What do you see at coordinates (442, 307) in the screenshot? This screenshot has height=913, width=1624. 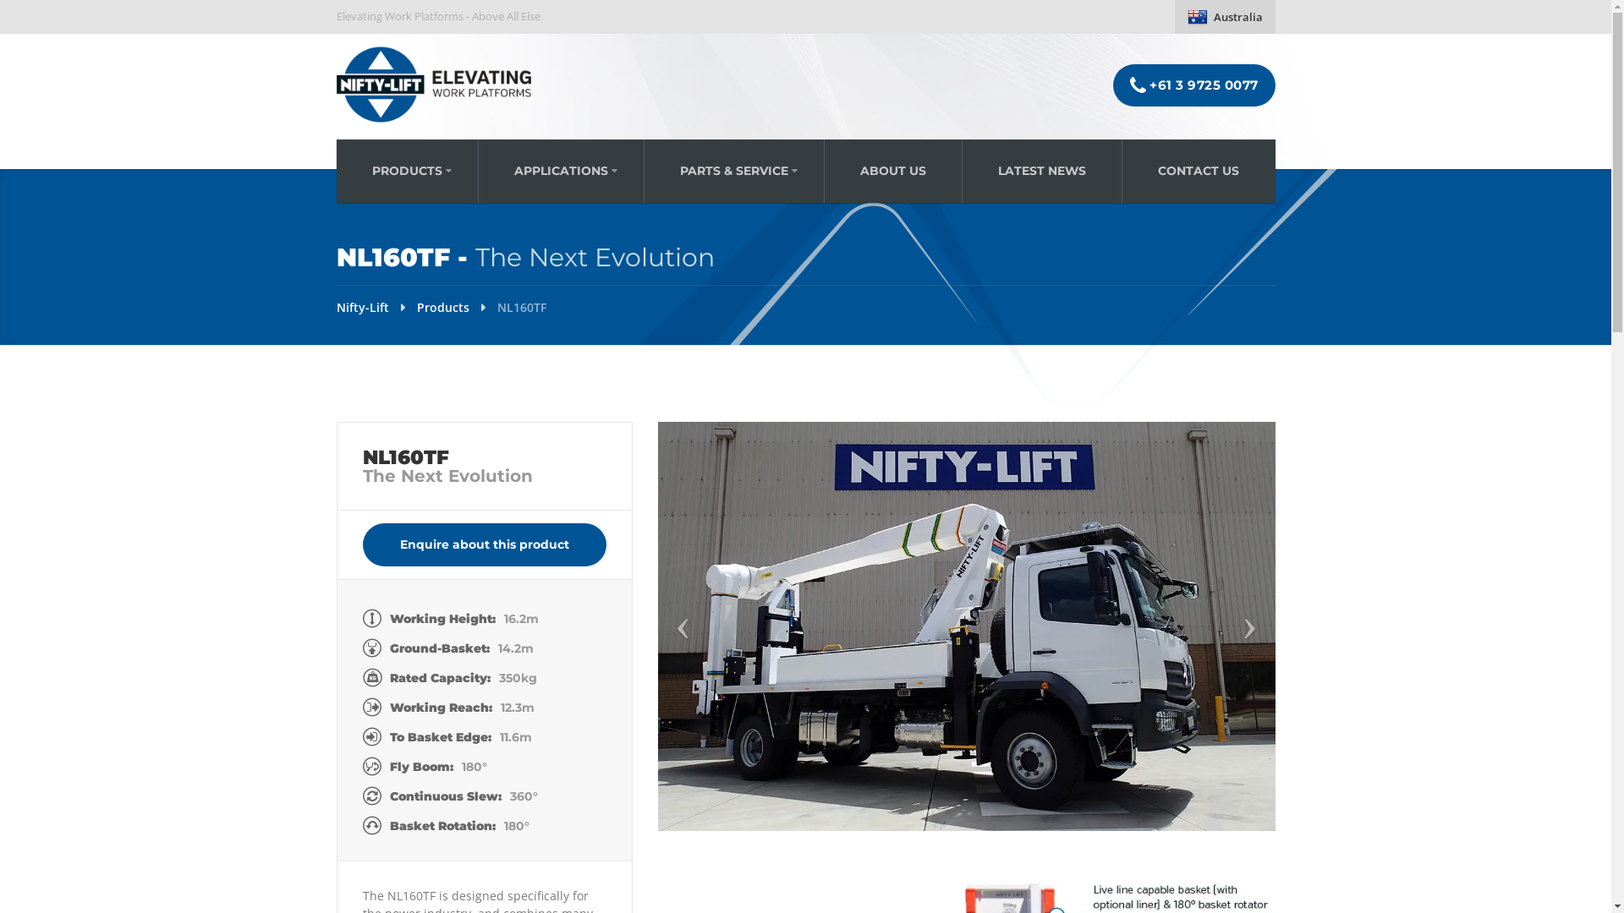 I see `'Products'` at bounding box center [442, 307].